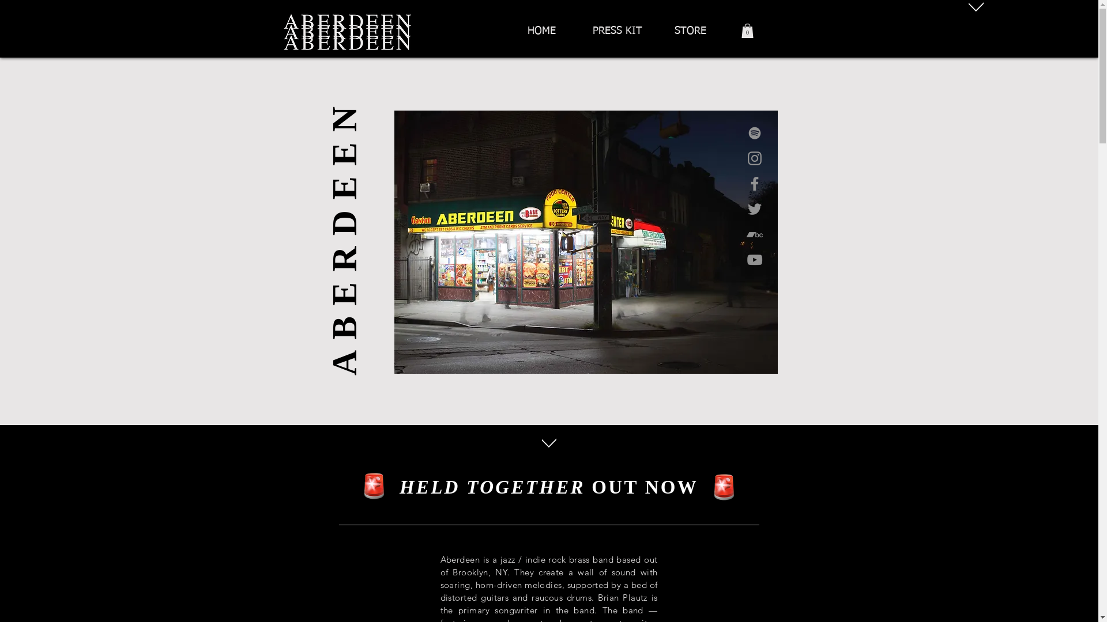 The height and width of the screenshot is (622, 1107). Describe the element at coordinates (747, 30) in the screenshot. I see `'0'` at that location.